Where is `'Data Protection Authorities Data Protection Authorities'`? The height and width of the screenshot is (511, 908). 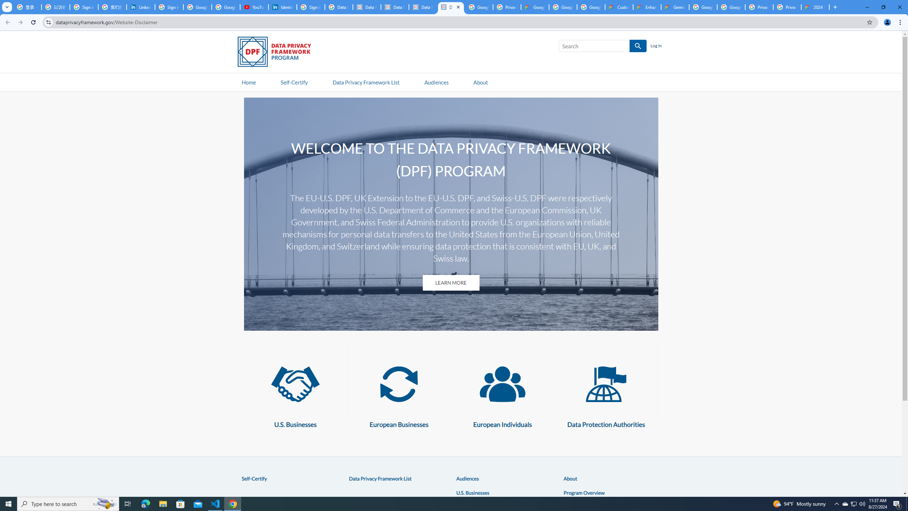 'Data Protection Authorities Data Protection Authorities' is located at coordinates (606, 393).